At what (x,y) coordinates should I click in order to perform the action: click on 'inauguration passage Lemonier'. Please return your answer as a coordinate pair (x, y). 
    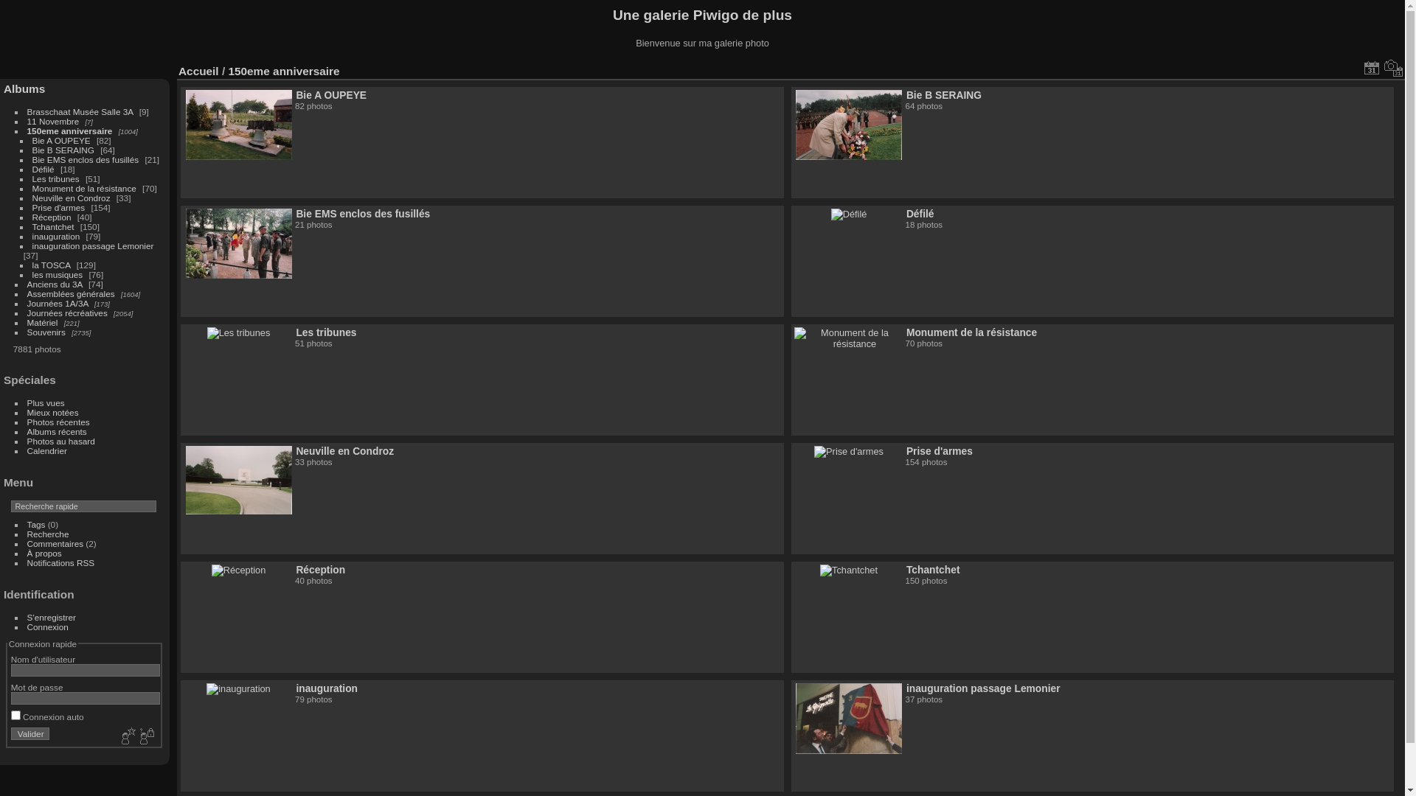
    Looking at the image, I should click on (983, 688).